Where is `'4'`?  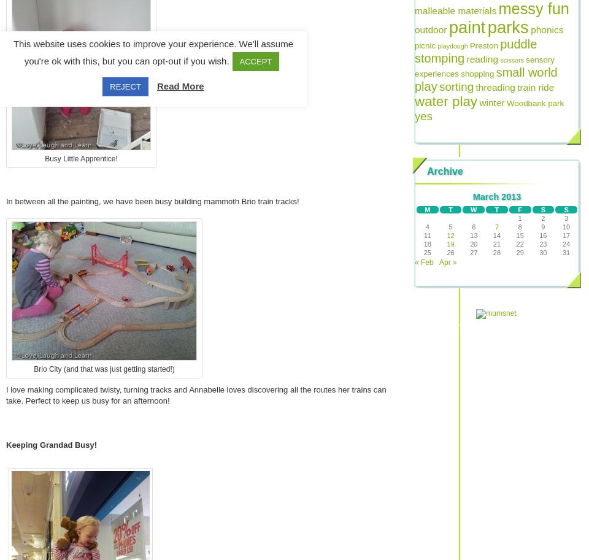
'4' is located at coordinates (427, 227).